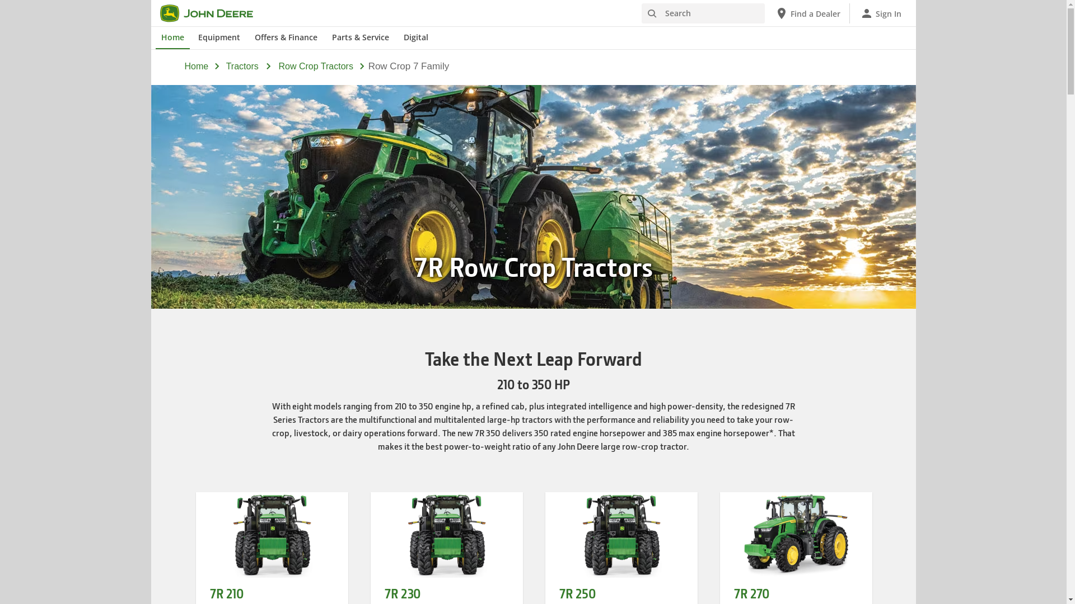 The height and width of the screenshot is (604, 1075). What do you see at coordinates (807, 13) in the screenshot?
I see `'Find a Dealer'` at bounding box center [807, 13].